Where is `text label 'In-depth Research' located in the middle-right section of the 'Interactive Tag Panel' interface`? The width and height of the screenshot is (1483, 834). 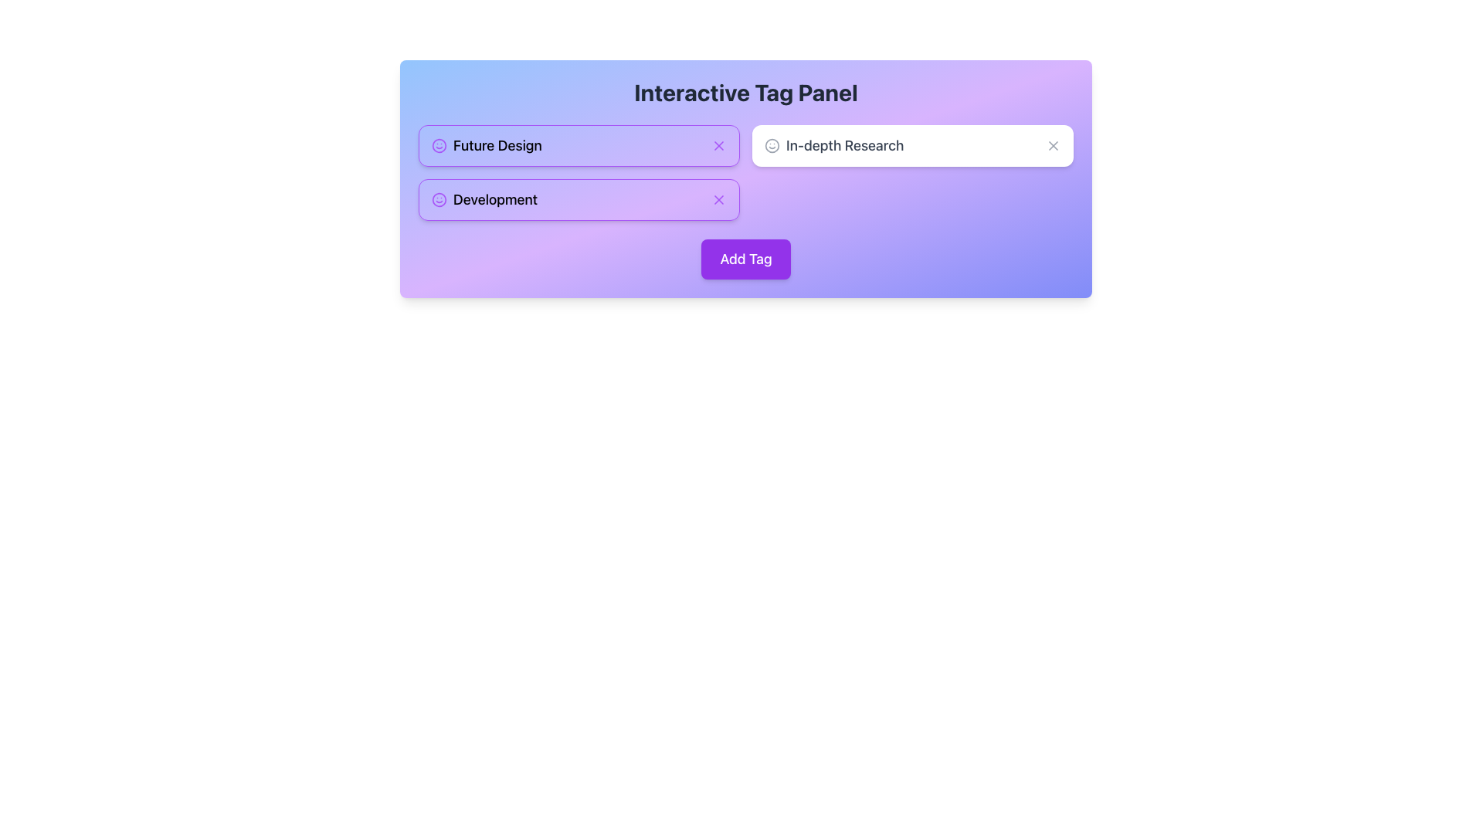 text label 'In-depth Research' located in the middle-right section of the 'Interactive Tag Panel' interface is located at coordinates (844, 146).